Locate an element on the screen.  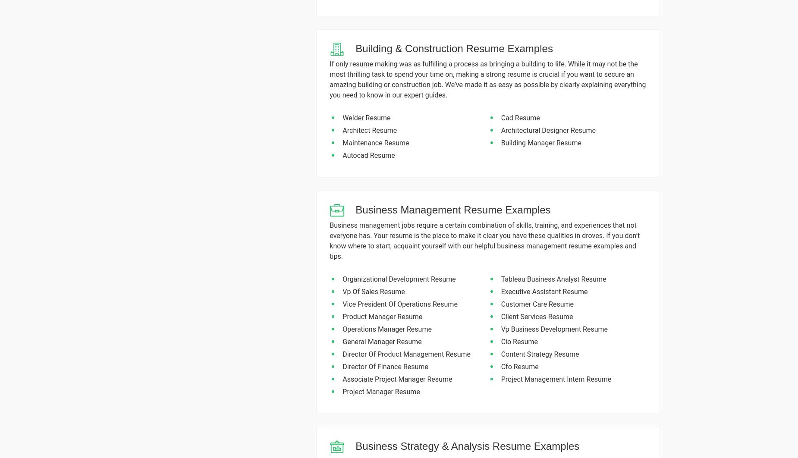
'If only resume making was as fulfilling a process as bringing a building to life. While it may not be the most thrilling task to spend your time on, making a strong resume is crucial if you want to secure an amazing building or construction job. We’ve made it as easy as possible by clearly explaining everything you need to know in our expert guides.' is located at coordinates (487, 79).